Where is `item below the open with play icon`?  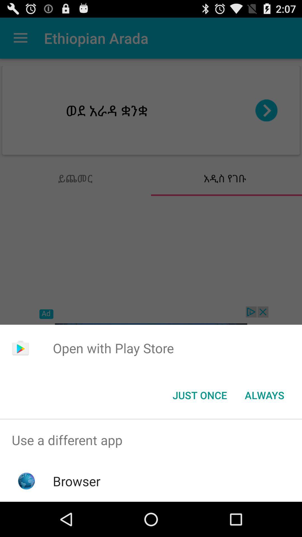
item below the open with play icon is located at coordinates (264, 395).